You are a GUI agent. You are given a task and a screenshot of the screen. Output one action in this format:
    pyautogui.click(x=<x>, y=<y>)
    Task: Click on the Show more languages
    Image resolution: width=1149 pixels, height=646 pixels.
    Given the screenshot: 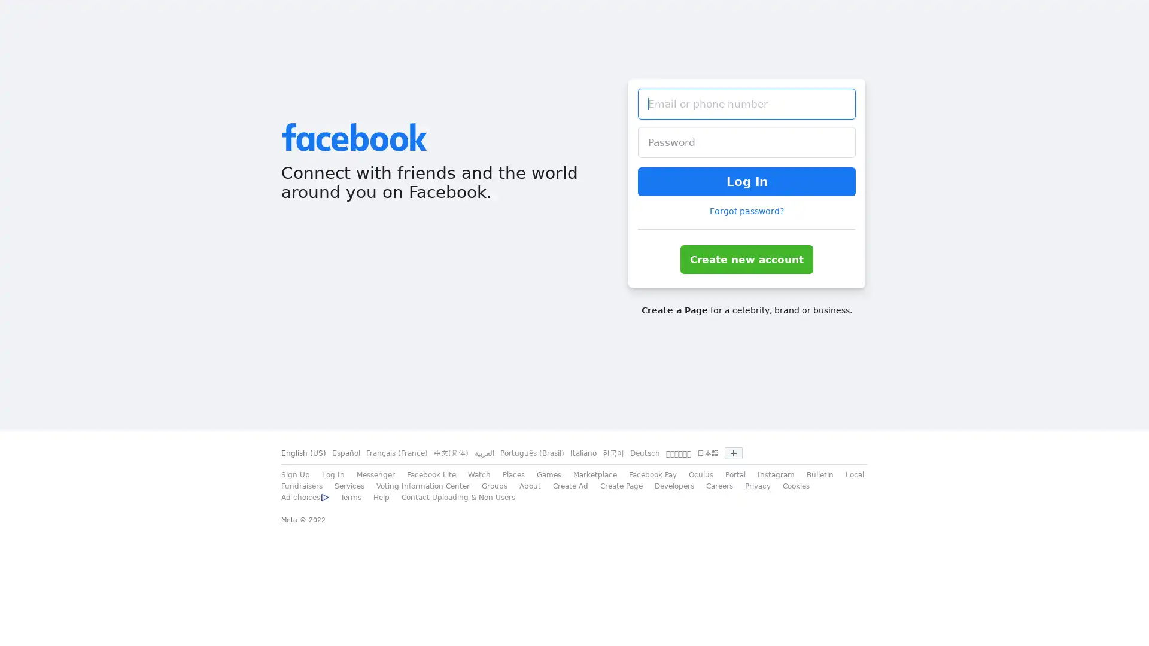 What is the action you would take?
    pyautogui.click(x=732, y=453)
    